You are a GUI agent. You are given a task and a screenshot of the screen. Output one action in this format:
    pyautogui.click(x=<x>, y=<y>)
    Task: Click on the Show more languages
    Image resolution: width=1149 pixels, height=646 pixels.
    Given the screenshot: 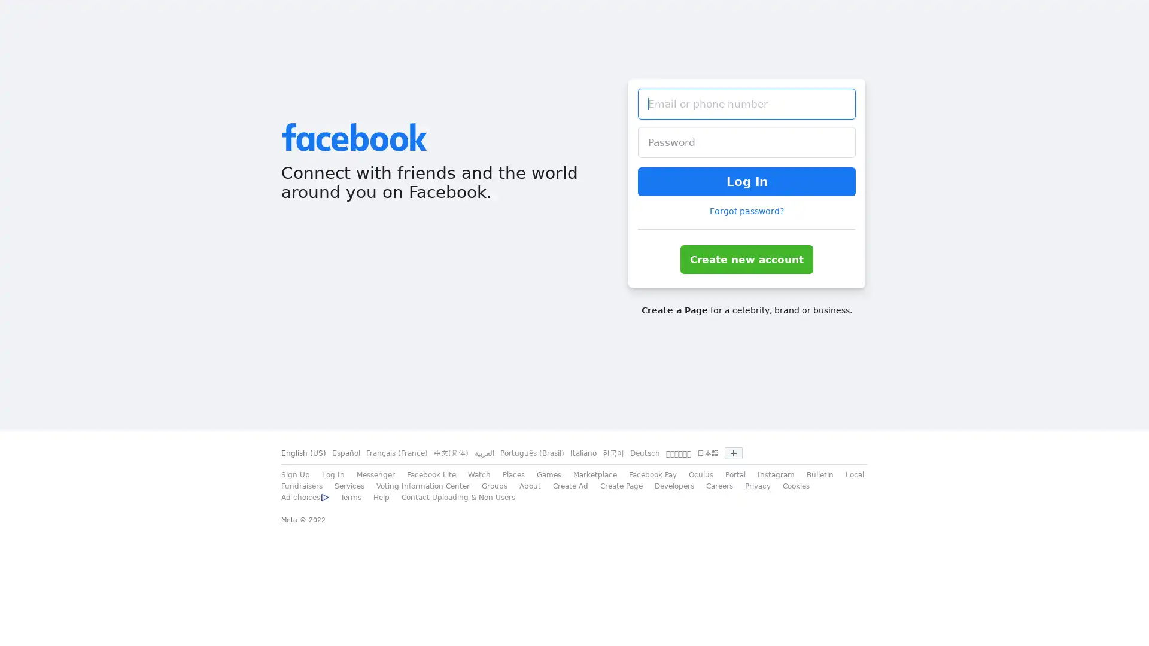 What is the action you would take?
    pyautogui.click(x=732, y=453)
    